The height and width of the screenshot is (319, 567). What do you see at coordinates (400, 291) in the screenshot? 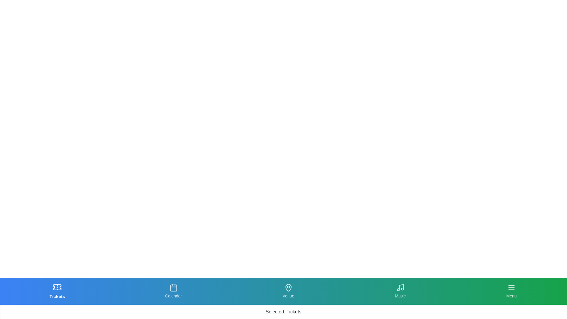
I see `the tab labeled Music to observe its hover effect` at bounding box center [400, 291].